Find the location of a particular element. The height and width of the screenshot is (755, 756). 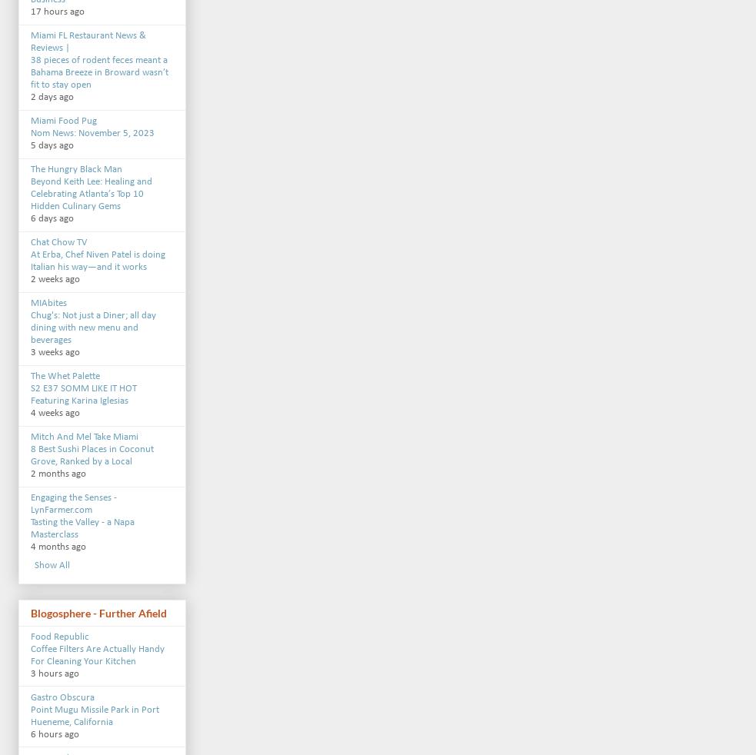

'3 hours ago' is located at coordinates (54, 673).